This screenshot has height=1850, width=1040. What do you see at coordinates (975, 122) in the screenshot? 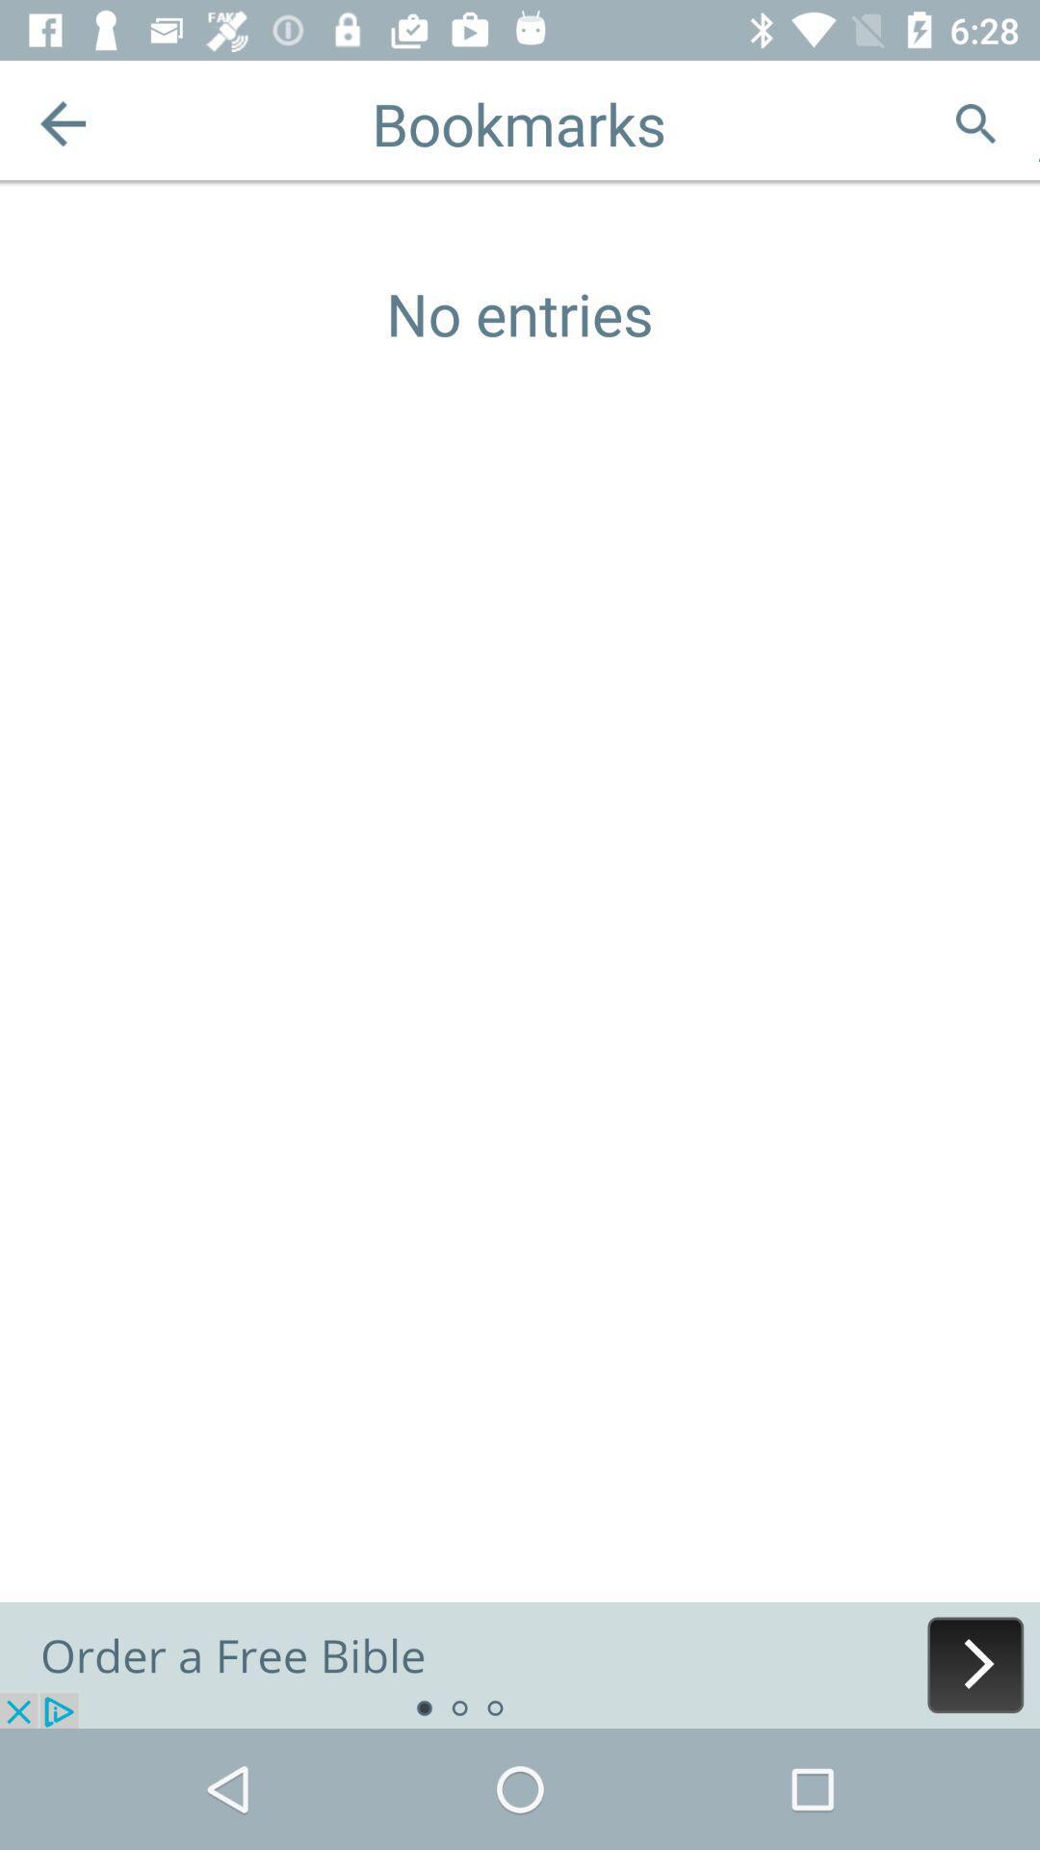
I see `search` at bounding box center [975, 122].